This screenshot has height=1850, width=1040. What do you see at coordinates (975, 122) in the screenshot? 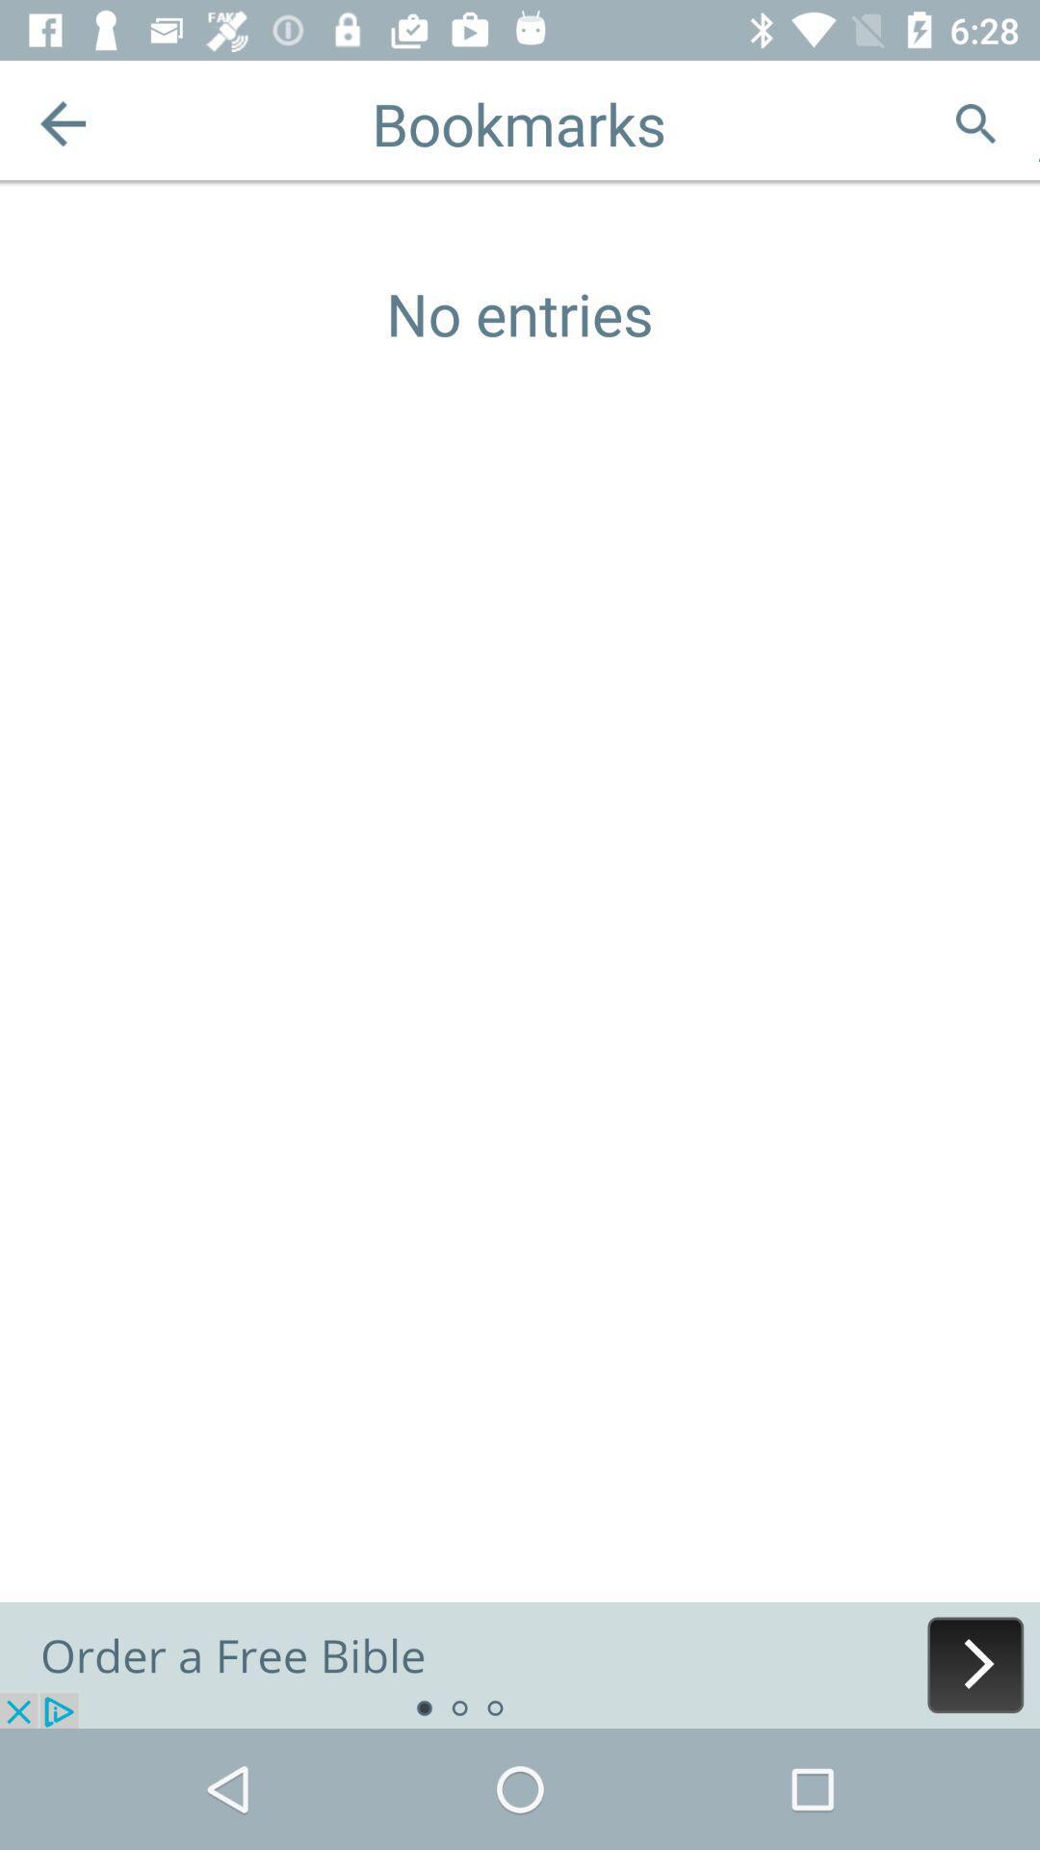
I see `search` at bounding box center [975, 122].